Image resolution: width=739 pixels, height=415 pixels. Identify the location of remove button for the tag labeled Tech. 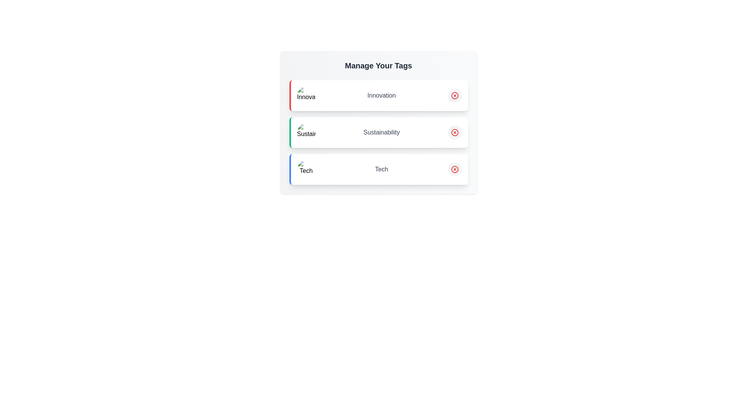
(455, 169).